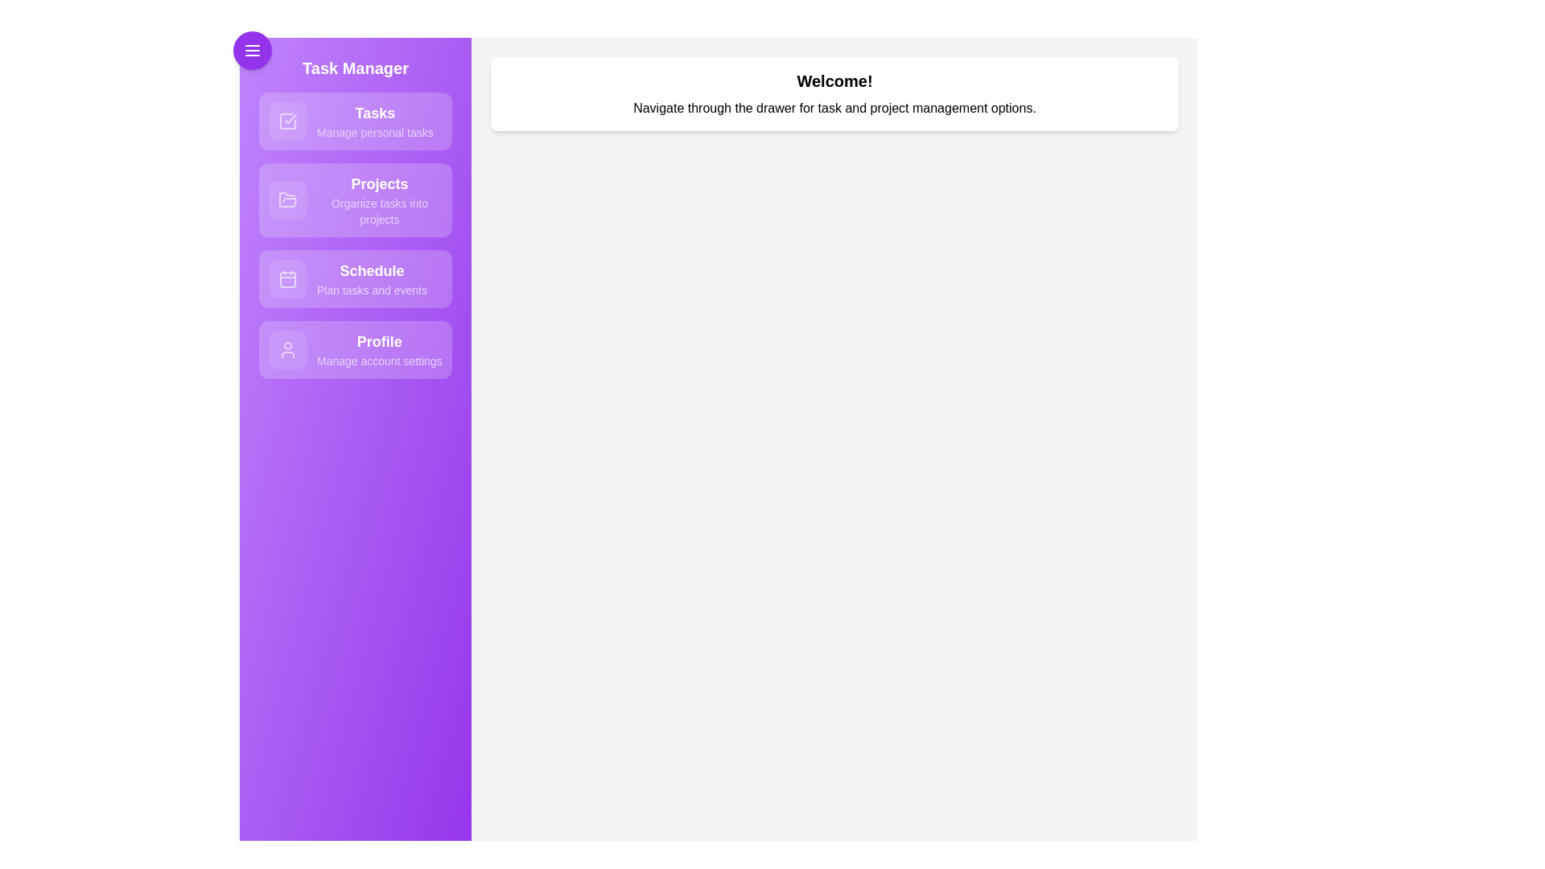 This screenshot has height=869, width=1545. What do you see at coordinates (834, 471) in the screenshot?
I see `the main content area to focus on it` at bounding box center [834, 471].